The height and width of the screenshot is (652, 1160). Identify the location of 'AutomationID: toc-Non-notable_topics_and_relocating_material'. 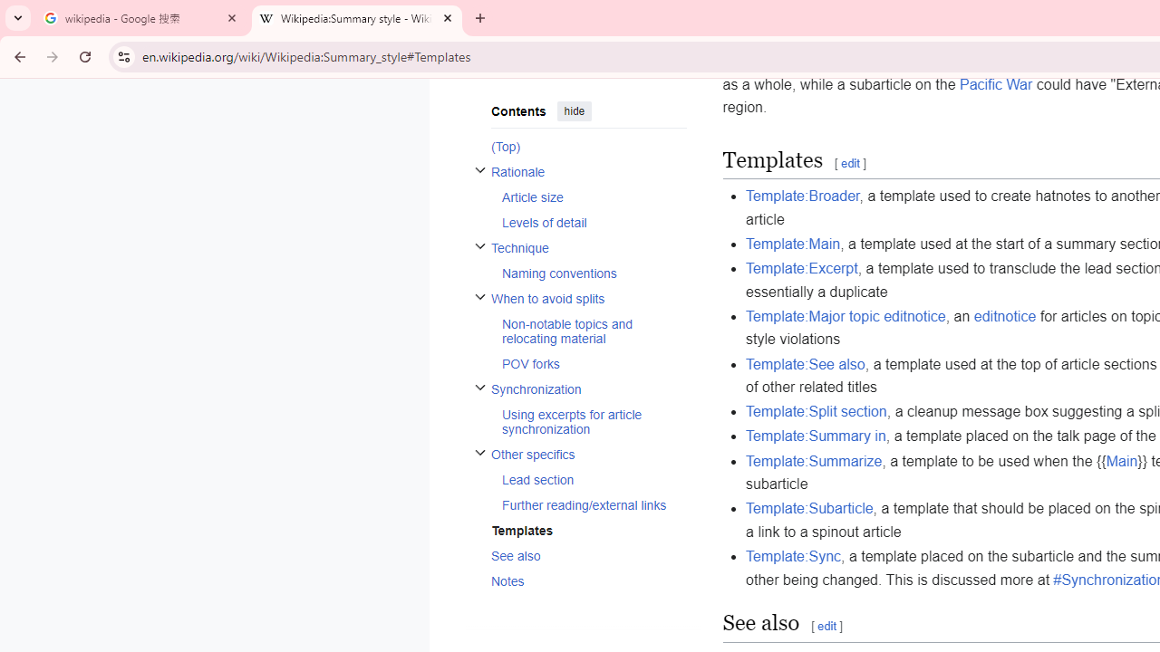
(588, 331).